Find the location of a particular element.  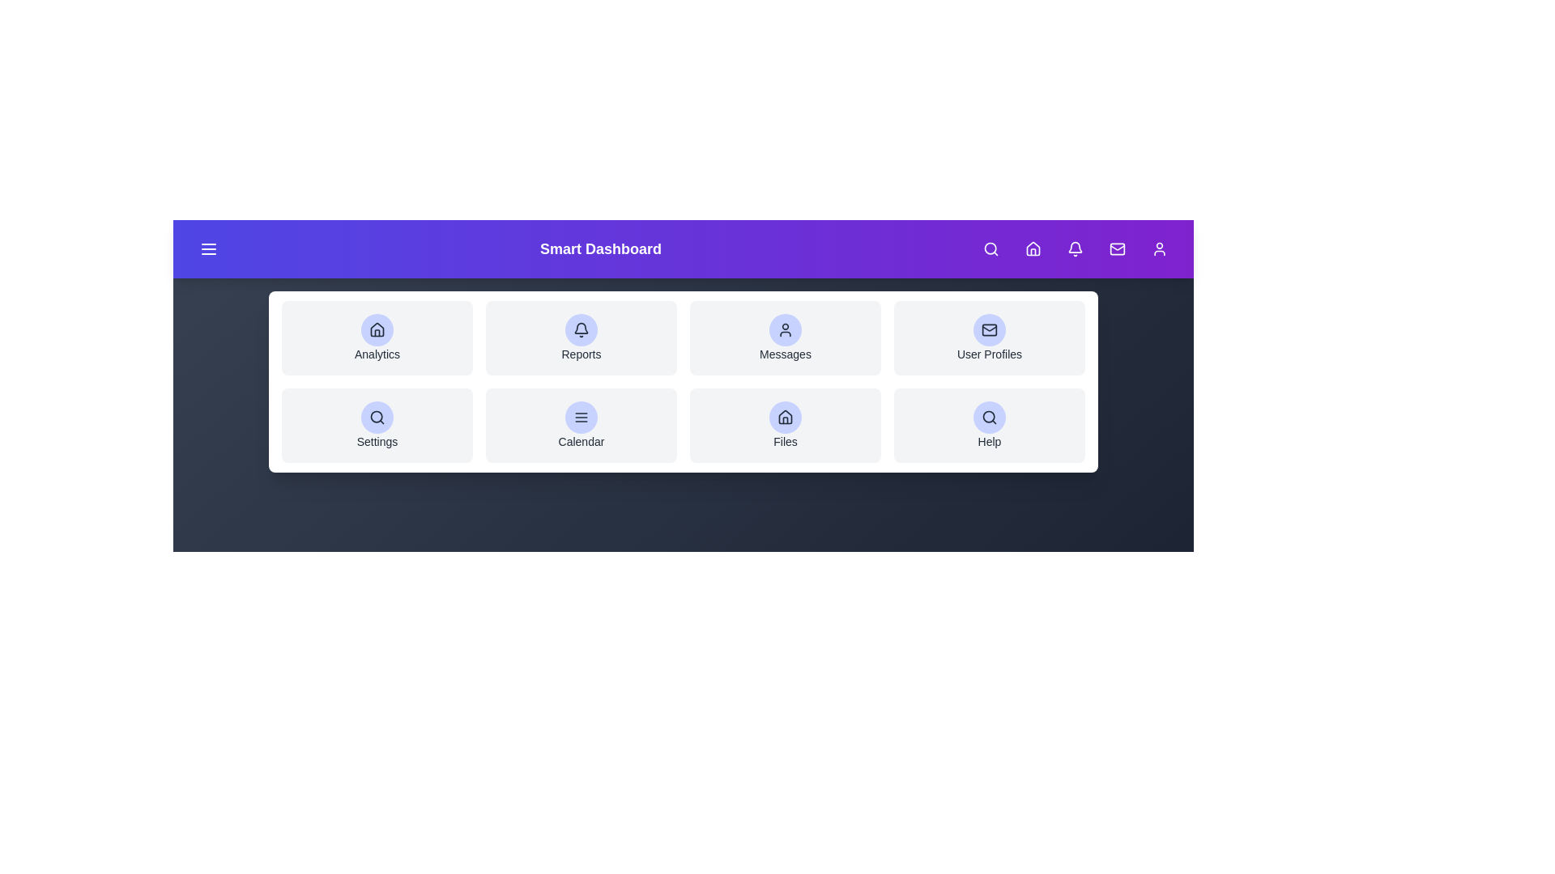

the search button in the app bar is located at coordinates (991, 249).